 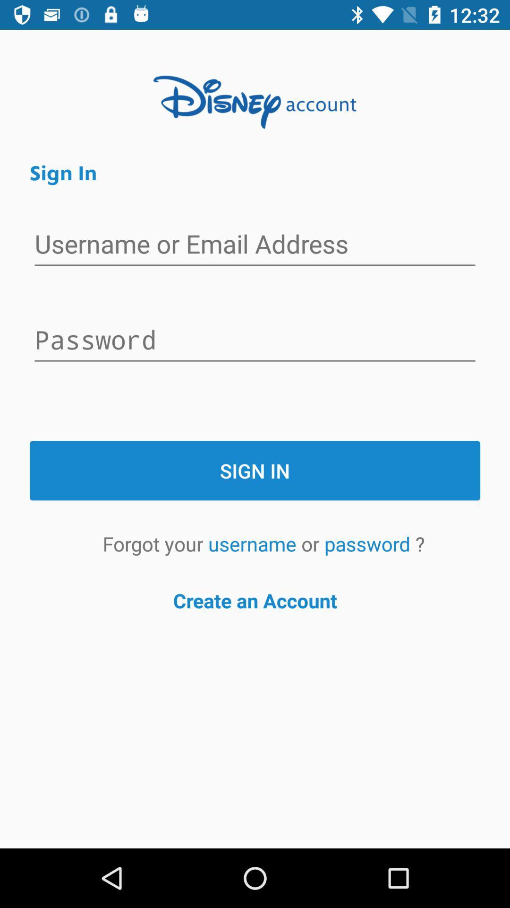 I want to click on the username  icon, so click(x=254, y=543).